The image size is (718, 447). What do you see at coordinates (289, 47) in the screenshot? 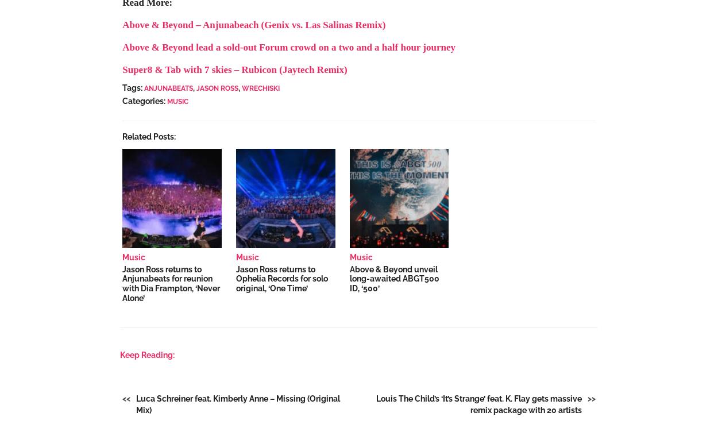
I see `'Above & Beyond lead a sold-out Forum crowd on a two and a half hour journey'` at bounding box center [289, 47].